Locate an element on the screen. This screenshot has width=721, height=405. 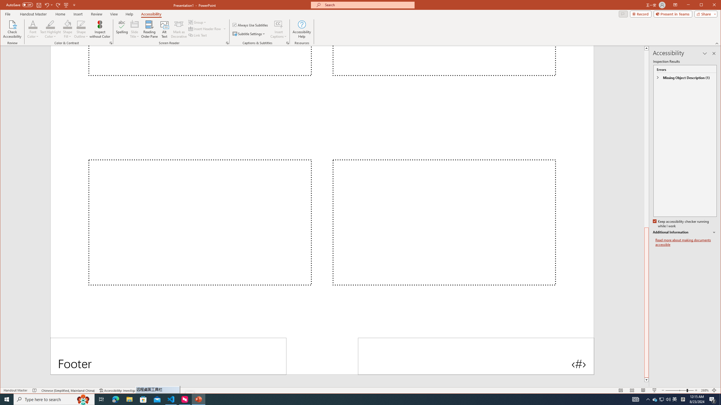
'Spell Check No Errors' is located at coordinates (35, 390).